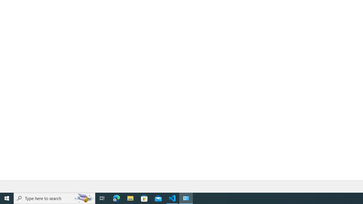 This screenshot has width=363, height=204. Describe the element at coordinates (7, 198) in the screenshot. I see `'Start'` at that location.